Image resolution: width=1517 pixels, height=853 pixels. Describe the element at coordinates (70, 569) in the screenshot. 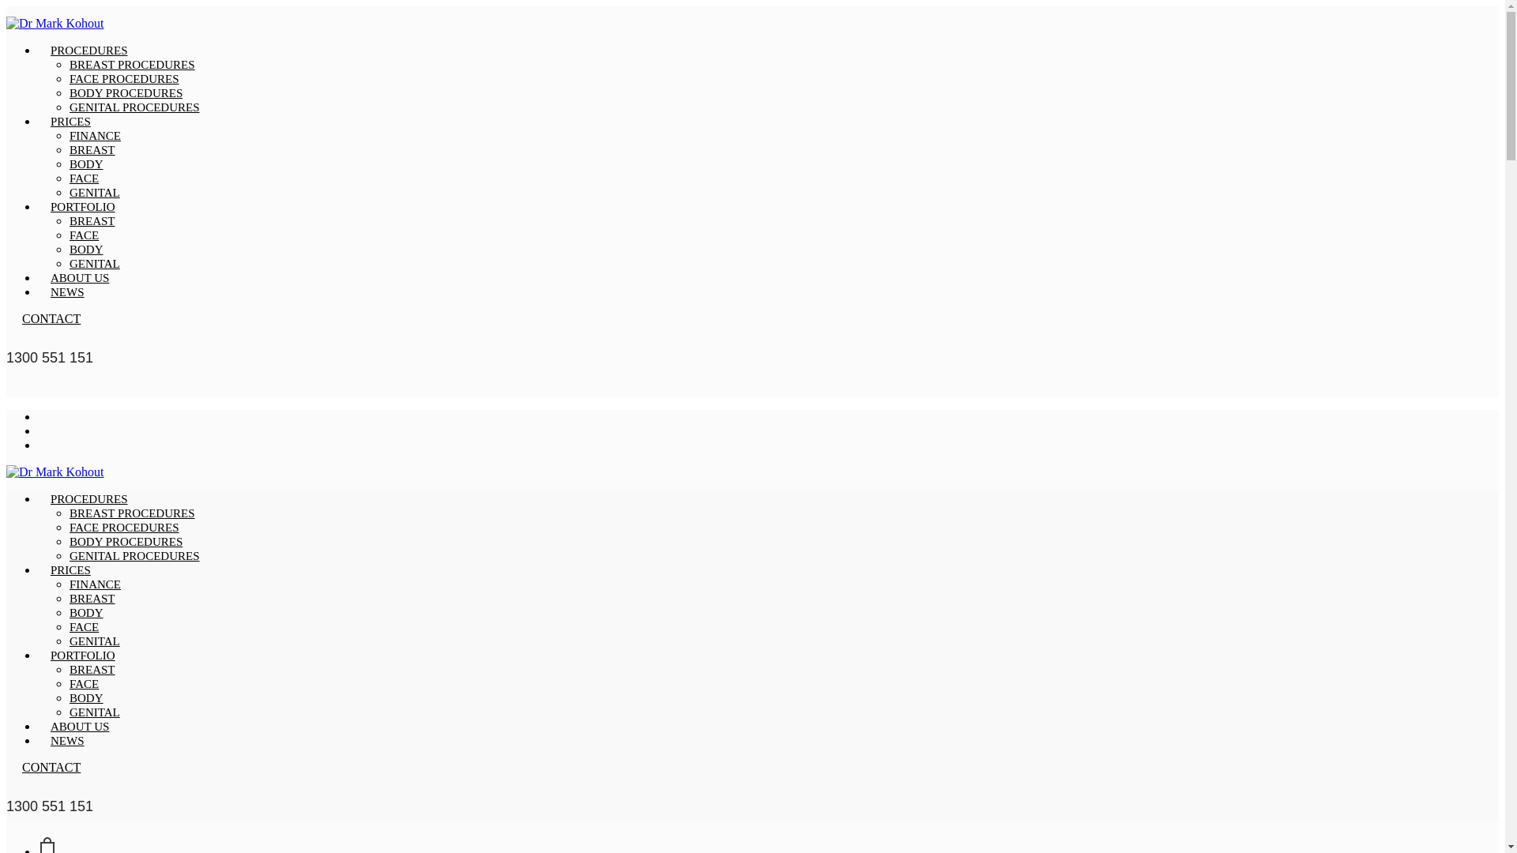

I see `'PRICES'` at that location.